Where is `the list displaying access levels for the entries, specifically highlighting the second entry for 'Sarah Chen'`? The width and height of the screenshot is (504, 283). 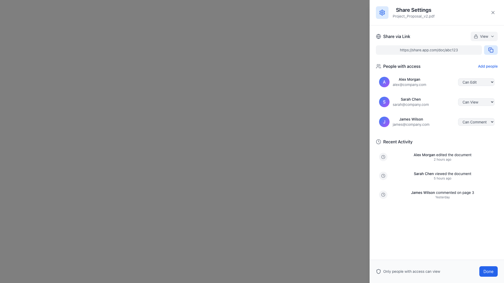
the list displaying access levels for the entries, specifically highlighting the second entry for 'Sarah Chen' is located at coordinates (437, 97).